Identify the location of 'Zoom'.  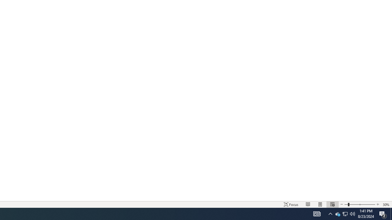
(360, 204).